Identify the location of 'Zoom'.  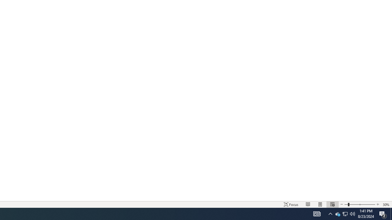
(360, 204).